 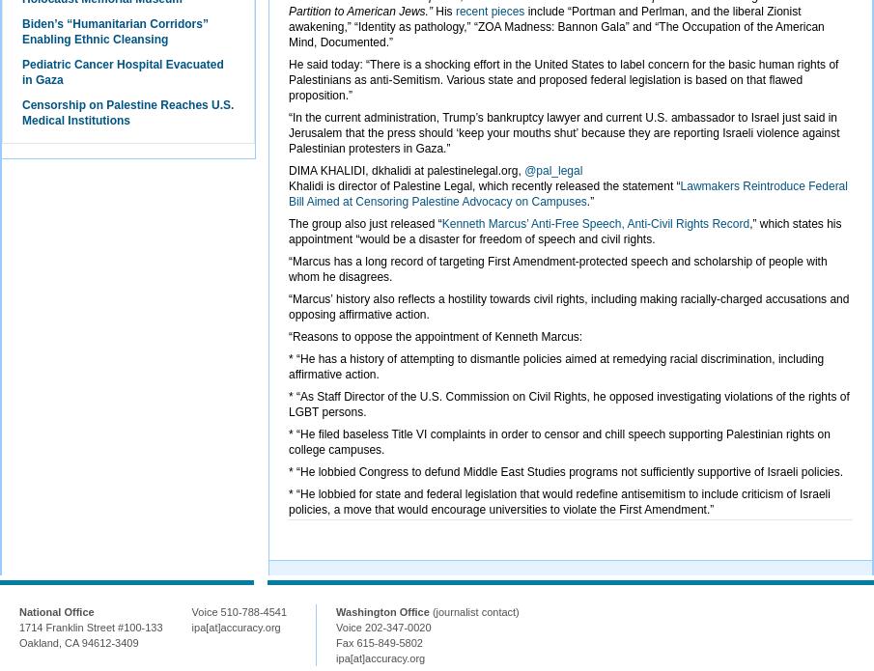 I want to click on 'Lawmakers Reintroduce Federal Bill Aimed at Censoring Palestine Advocacy on Campuses', so click(x=289, y=193).